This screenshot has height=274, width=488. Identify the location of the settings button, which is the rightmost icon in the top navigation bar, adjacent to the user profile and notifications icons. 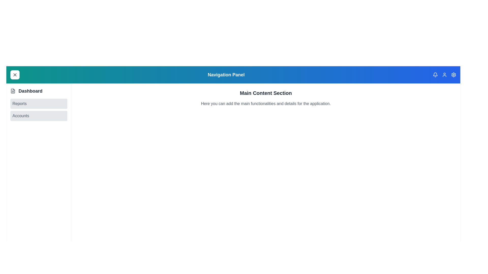
(454, 75).